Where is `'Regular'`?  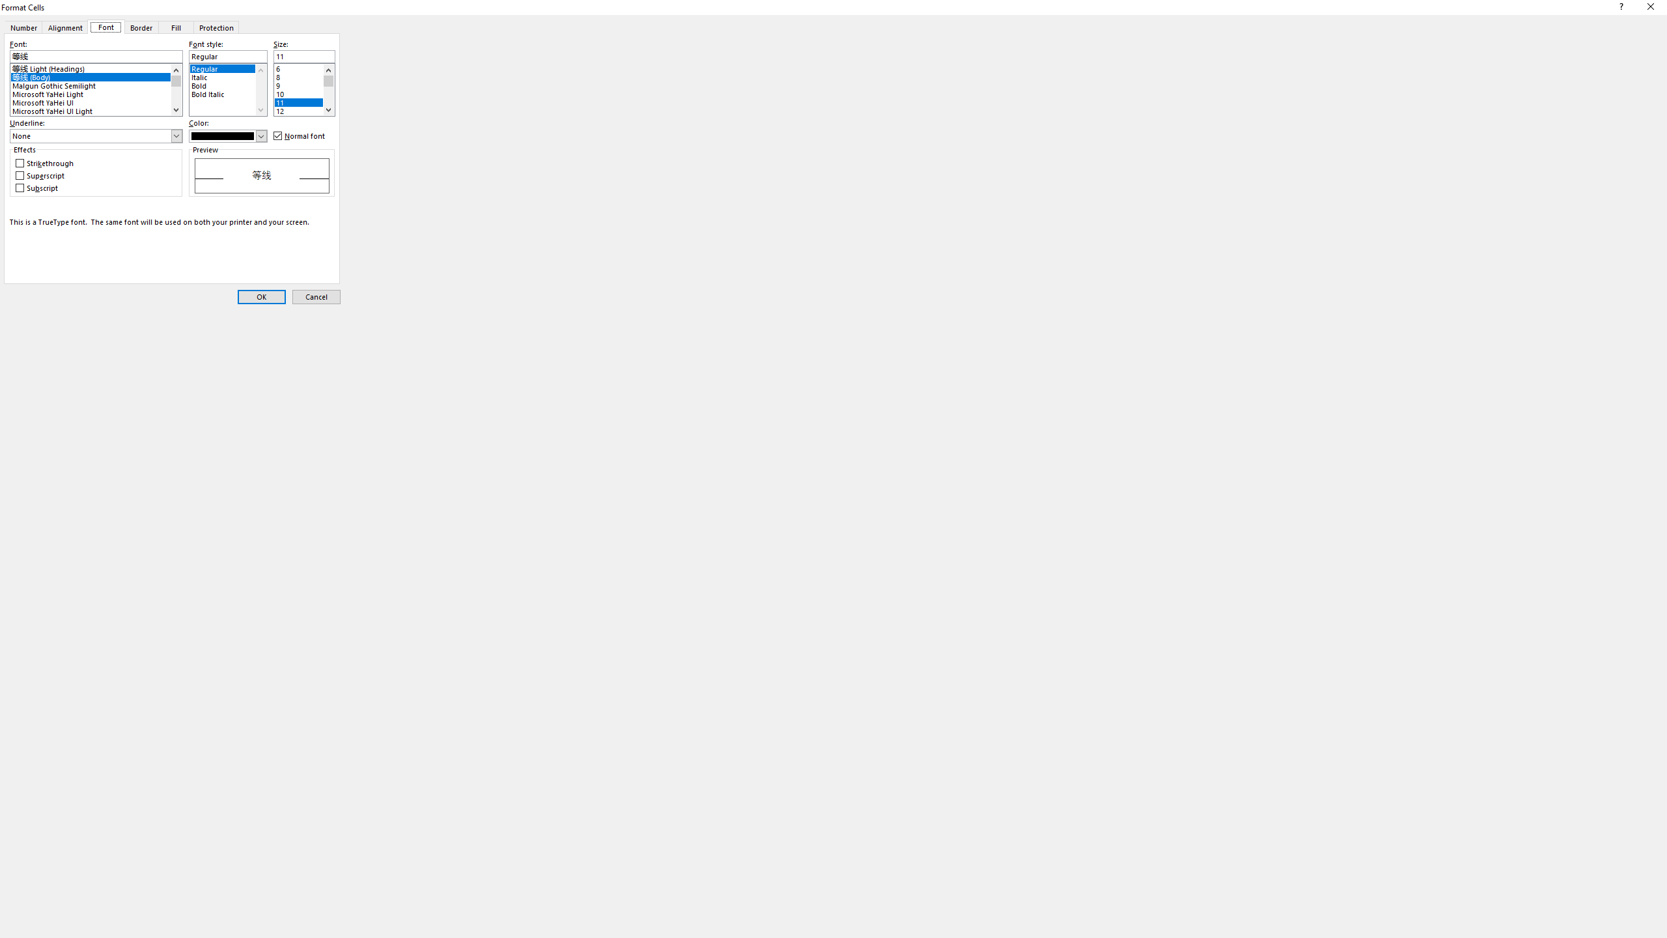 'Regular' is located at coordinates (228, 66).